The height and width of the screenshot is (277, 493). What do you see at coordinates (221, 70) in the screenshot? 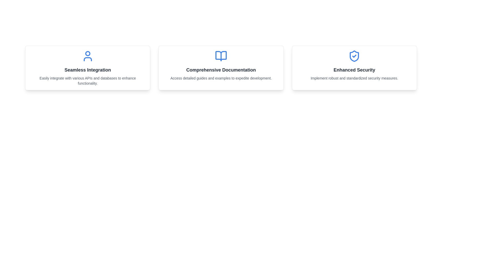
I see `the text label displaying 'Comprehensive Documentation' which is styled with a larger font size and bold weight, located centrally within a card-like structure` at bounding box center [221, 70].